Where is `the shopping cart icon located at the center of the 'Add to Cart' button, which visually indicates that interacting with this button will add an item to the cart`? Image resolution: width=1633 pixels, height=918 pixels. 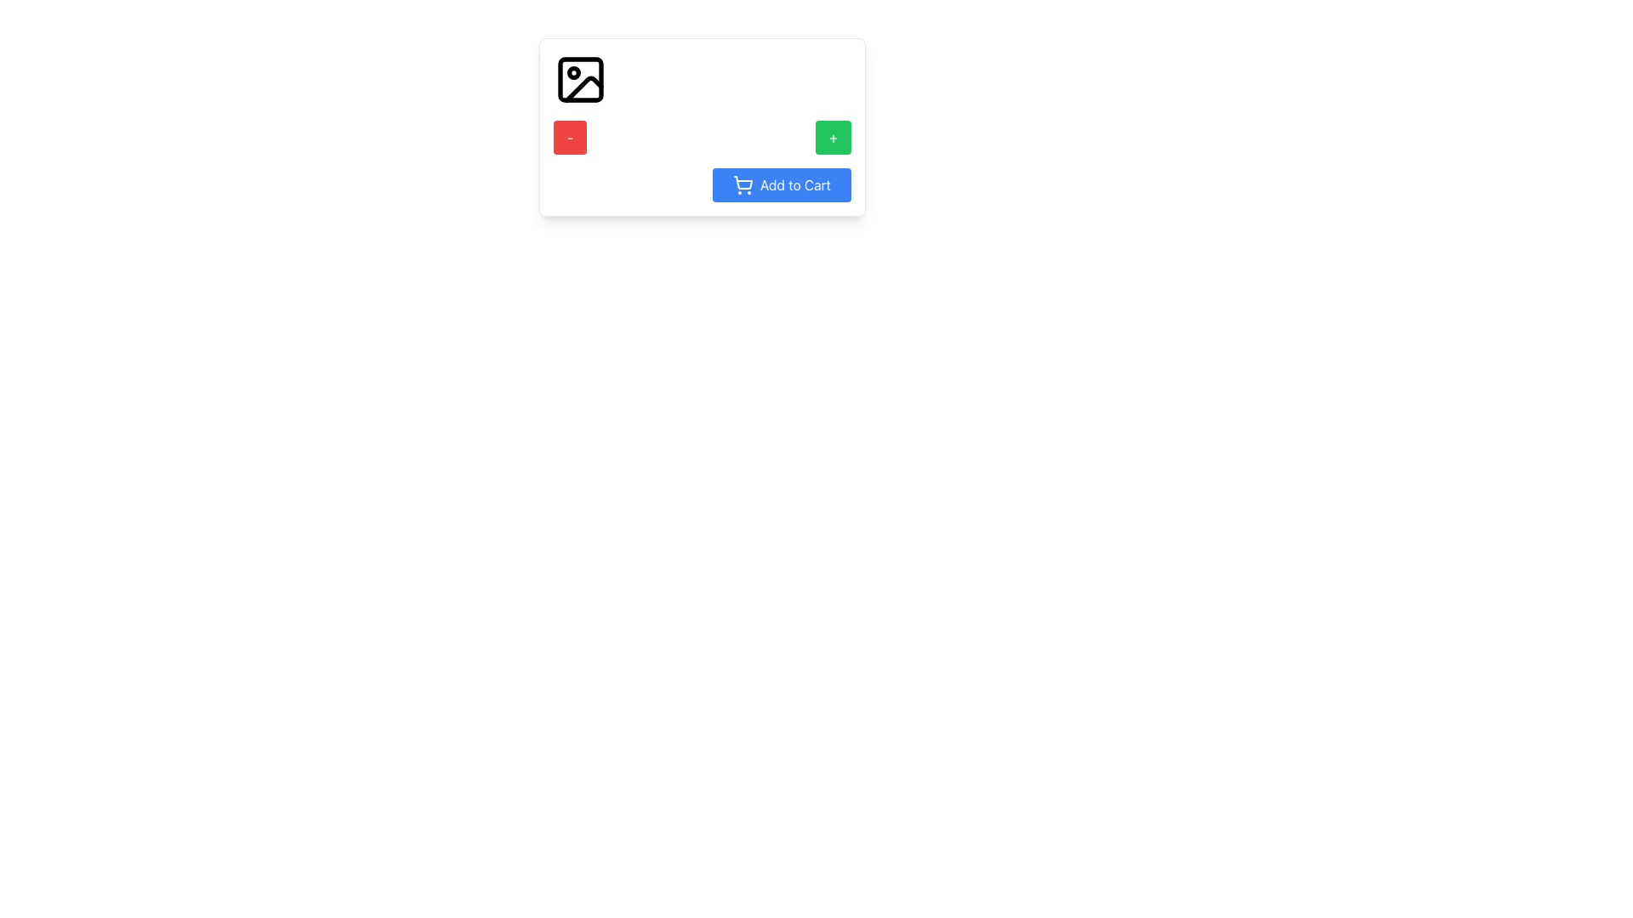 the shopping cart icon located at the center of the 'Add to Cart' button, which visually indicates that interacting with this button will add an item to the cart is located at coordinates (743, 183).